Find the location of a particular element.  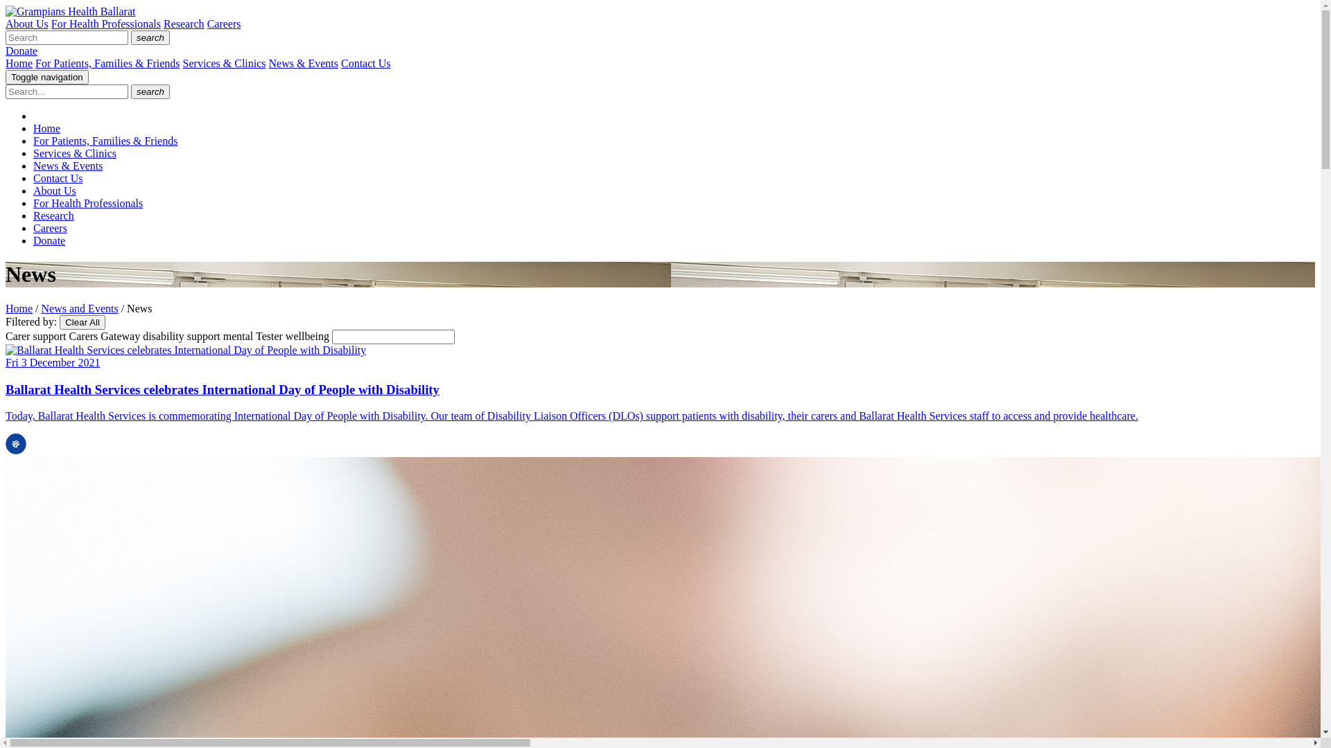

'Donate' is located at coordinates (21, 50).